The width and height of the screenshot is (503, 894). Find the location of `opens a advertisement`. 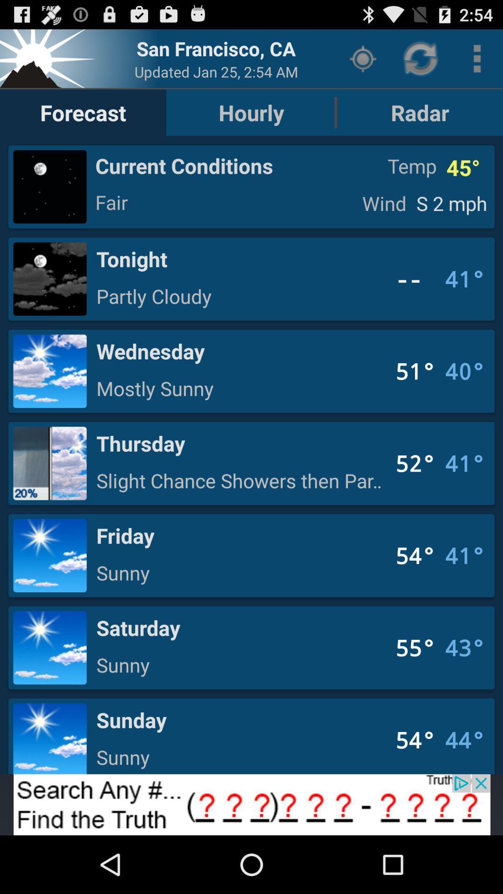

opens a advertisement is located at coordinates (251, 804).